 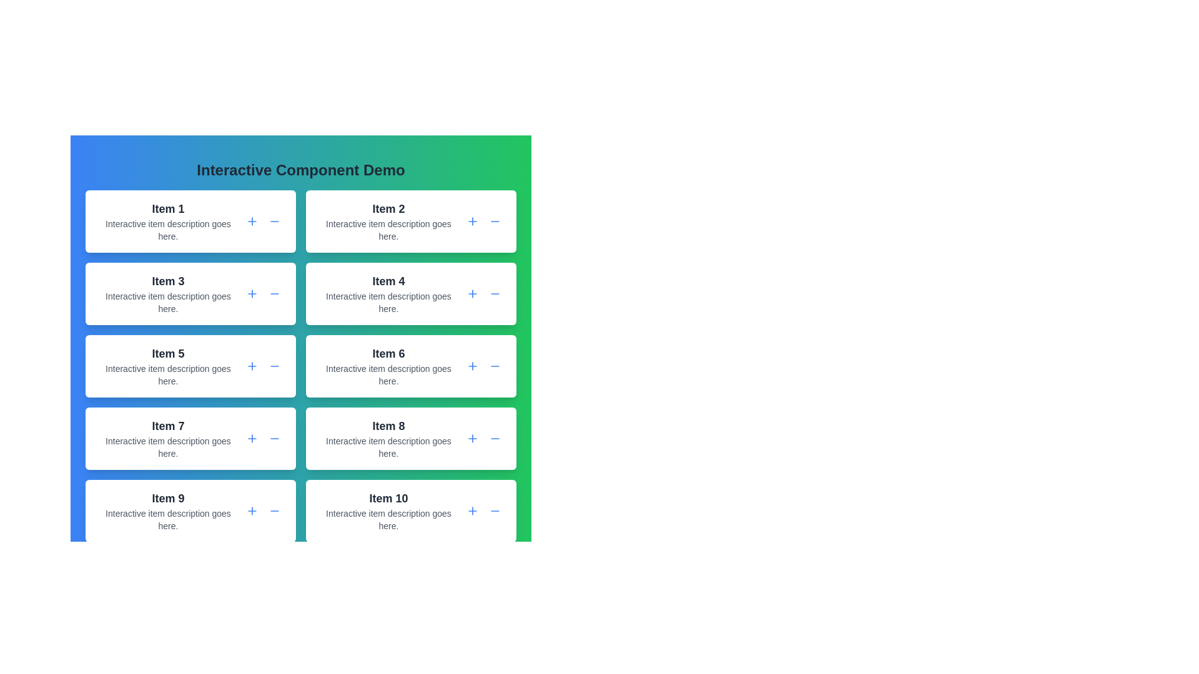 What do you see at coordinates (167, 447) in the screenshot?
I see `the static text label displaying 'Interactive item description goes here.' which is located within the card titled 'Item 7'` at bounding box center [167, 447].